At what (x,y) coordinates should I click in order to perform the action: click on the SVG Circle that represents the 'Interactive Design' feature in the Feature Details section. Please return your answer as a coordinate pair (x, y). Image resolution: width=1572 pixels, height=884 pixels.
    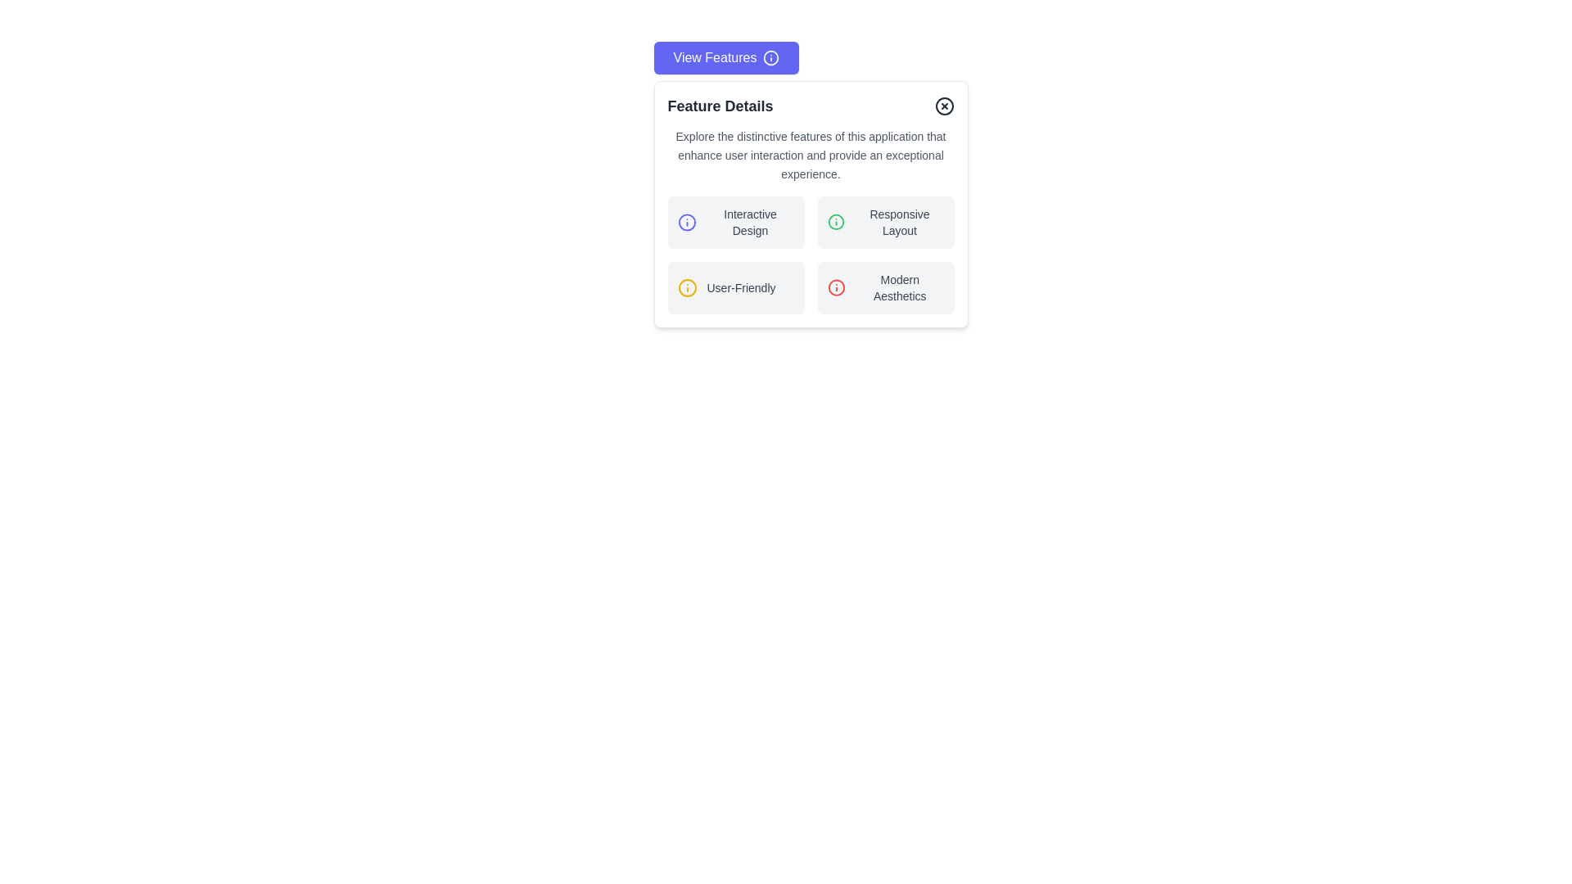
    Looking at the image, I should click on (687, 223).